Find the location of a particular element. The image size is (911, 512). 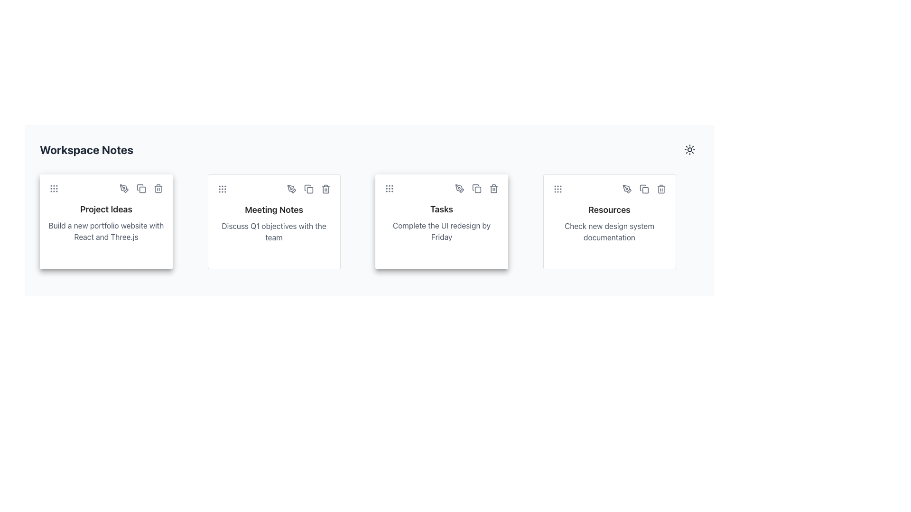

the handle icon located at the top-left corner of the 'Resources' card is located at coordinates (558, 189).